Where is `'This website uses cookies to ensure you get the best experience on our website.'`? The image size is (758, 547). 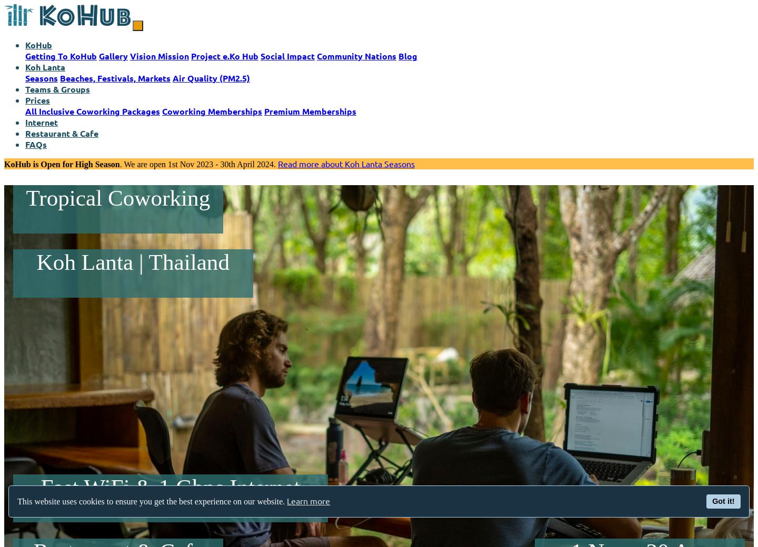
'This website uses cookies to ensure you get the best experience on our website.' is located at coordinates (152, 501).